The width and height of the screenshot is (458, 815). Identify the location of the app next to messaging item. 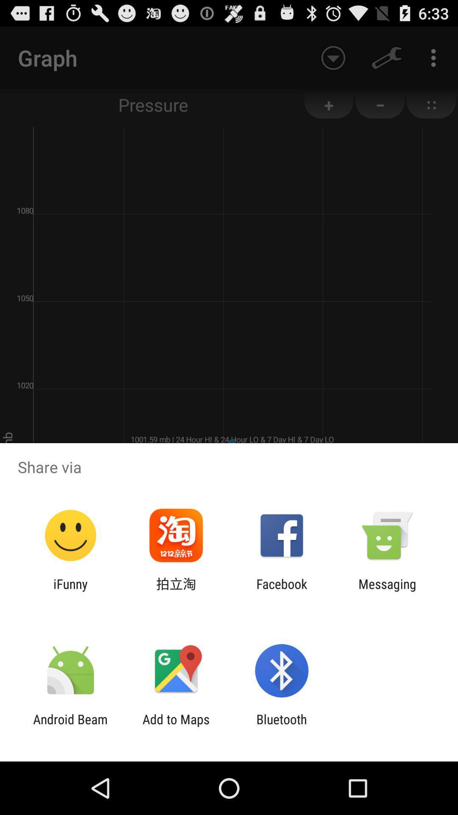
(282, 591).